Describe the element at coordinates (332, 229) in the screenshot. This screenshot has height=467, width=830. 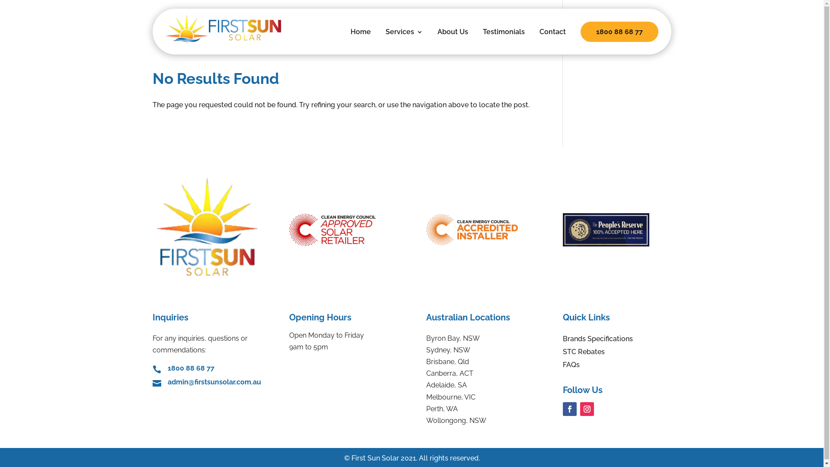
I see `'CEC approved retailer'` at that location.